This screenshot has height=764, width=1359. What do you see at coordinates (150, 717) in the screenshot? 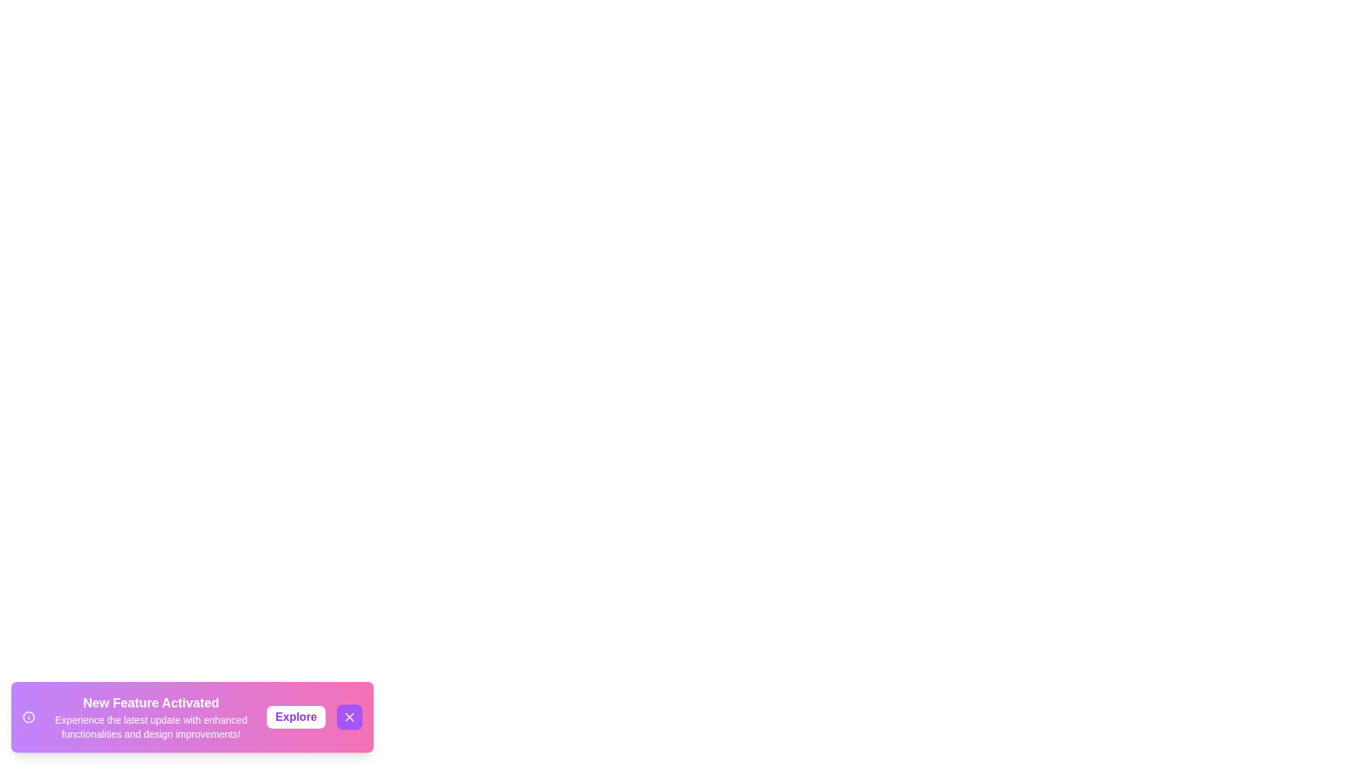
I see `the text to select it` at bounding box center [150, 717].